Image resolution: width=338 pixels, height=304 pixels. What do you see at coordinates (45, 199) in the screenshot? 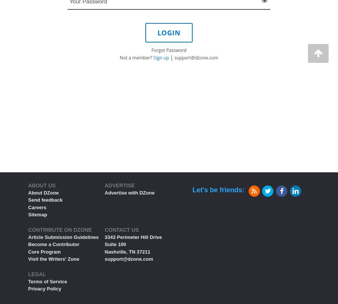
I see `'Send feedback'` at bounding box center [45, 199].